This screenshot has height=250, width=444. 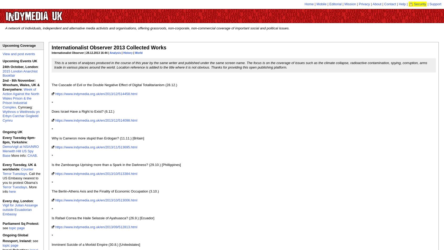 I want to click on 'Terror Tuesdays', so click(x=2, y=187).